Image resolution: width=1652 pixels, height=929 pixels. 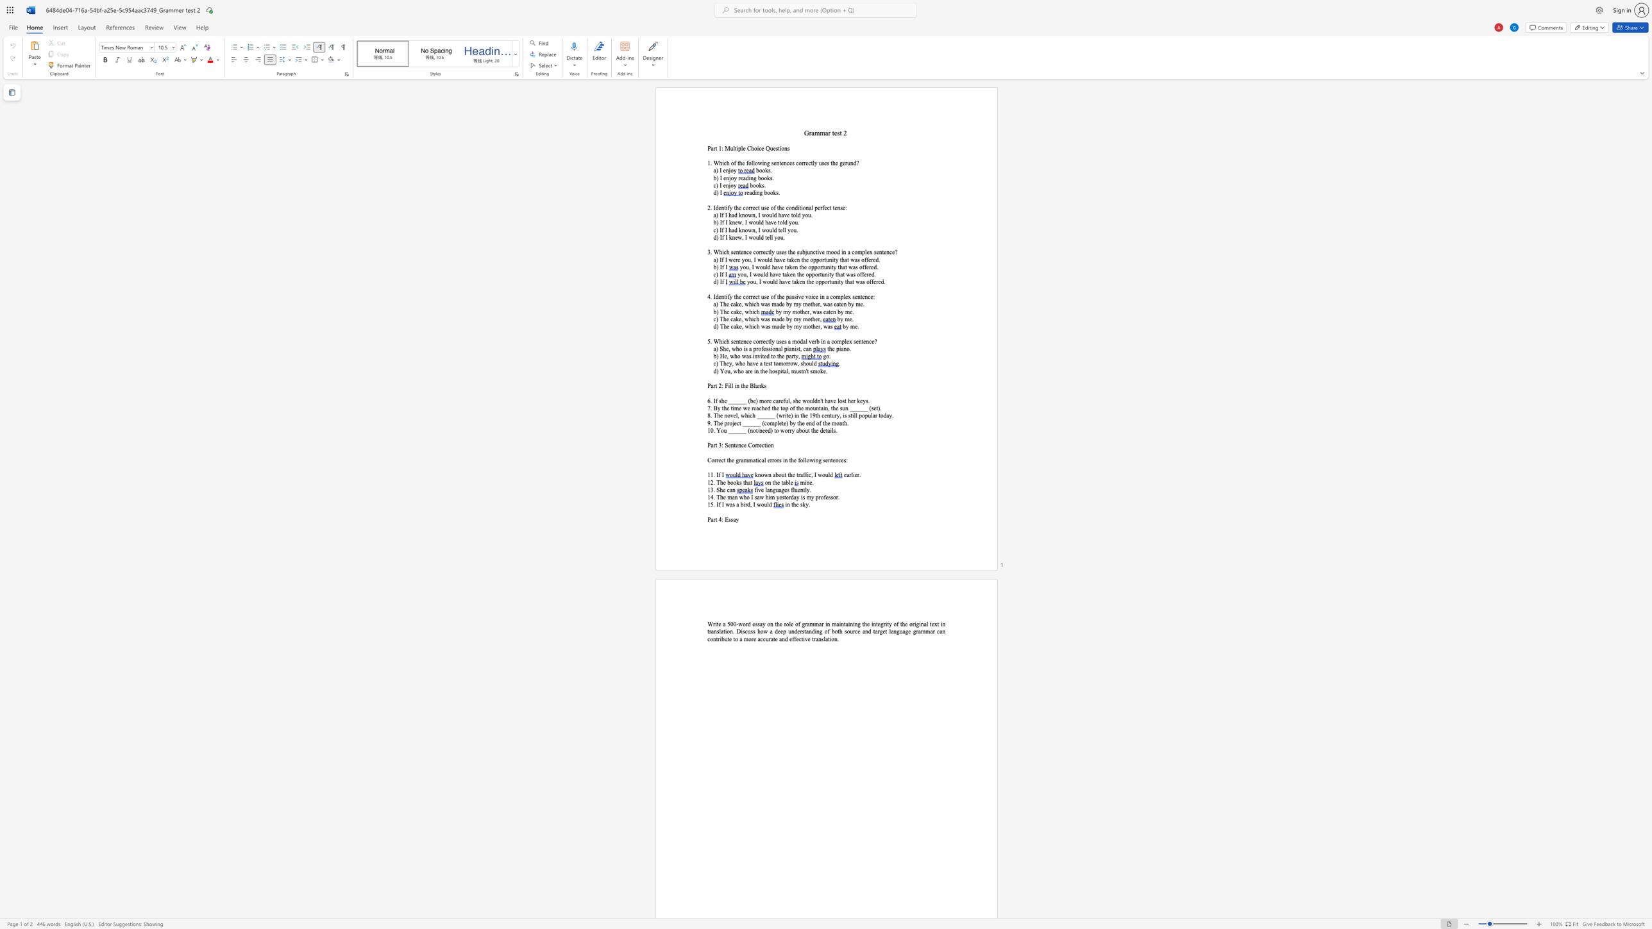 I want to click on the space between the continuous character "o" and "n" in the text, so click(x=770, y=444).